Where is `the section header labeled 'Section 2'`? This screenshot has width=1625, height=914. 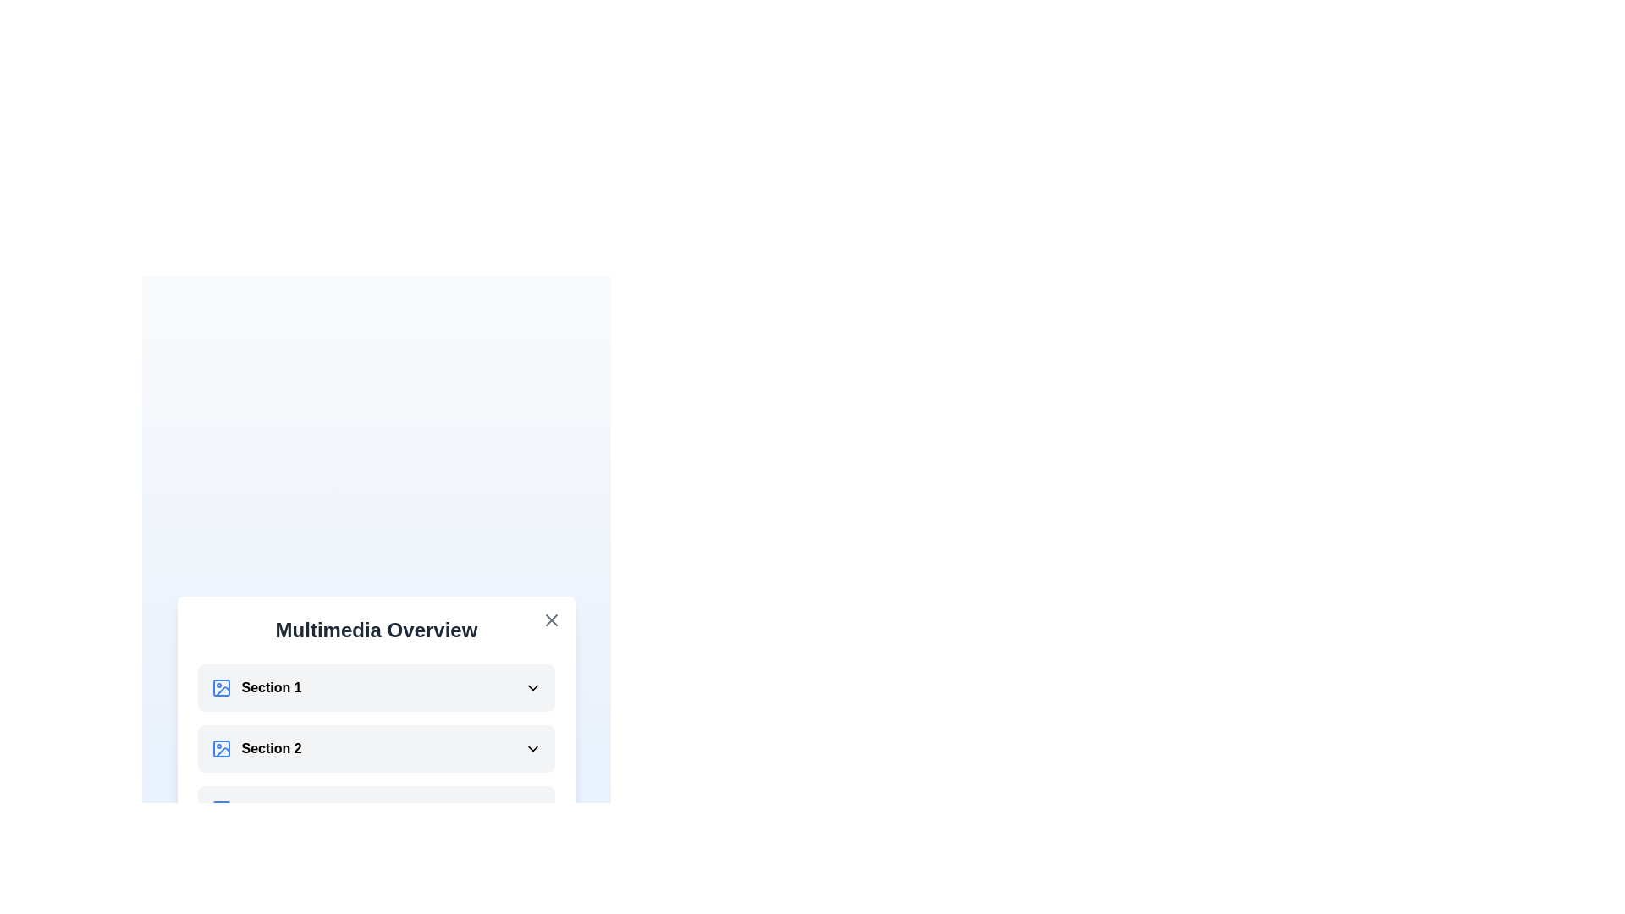 the section header labeled 'Section 2' is located at coordinates (256, 747).